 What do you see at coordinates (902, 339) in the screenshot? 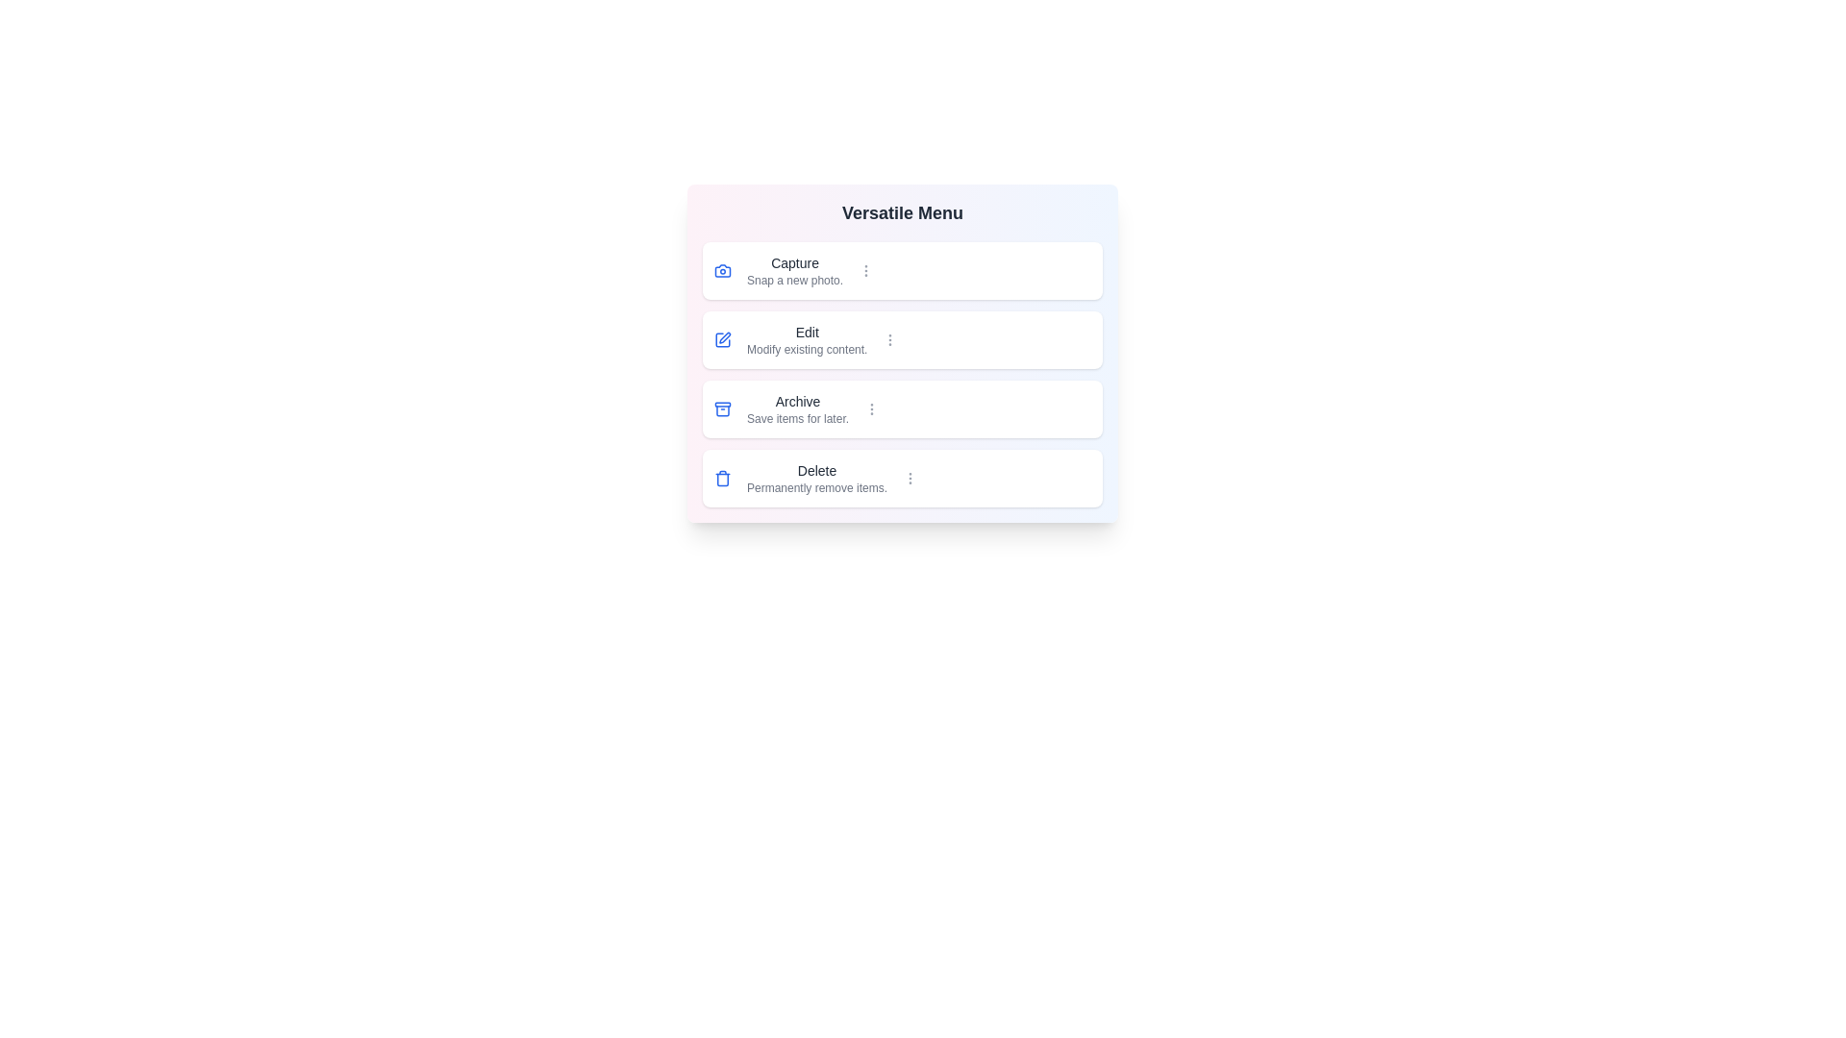
I see `the menu item labeled Edit to select it` at bounding box center [902, 339].